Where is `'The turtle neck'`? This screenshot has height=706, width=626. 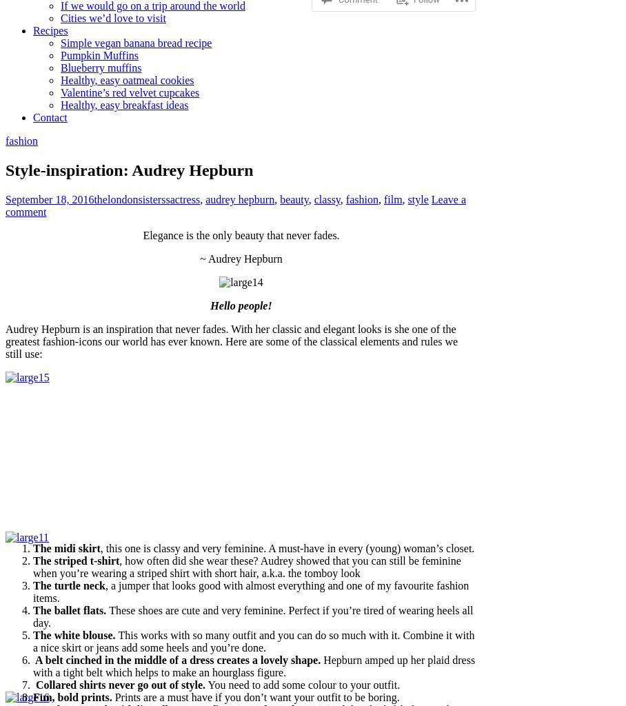 'The turtle neck' is located at coordinates (33, 584).